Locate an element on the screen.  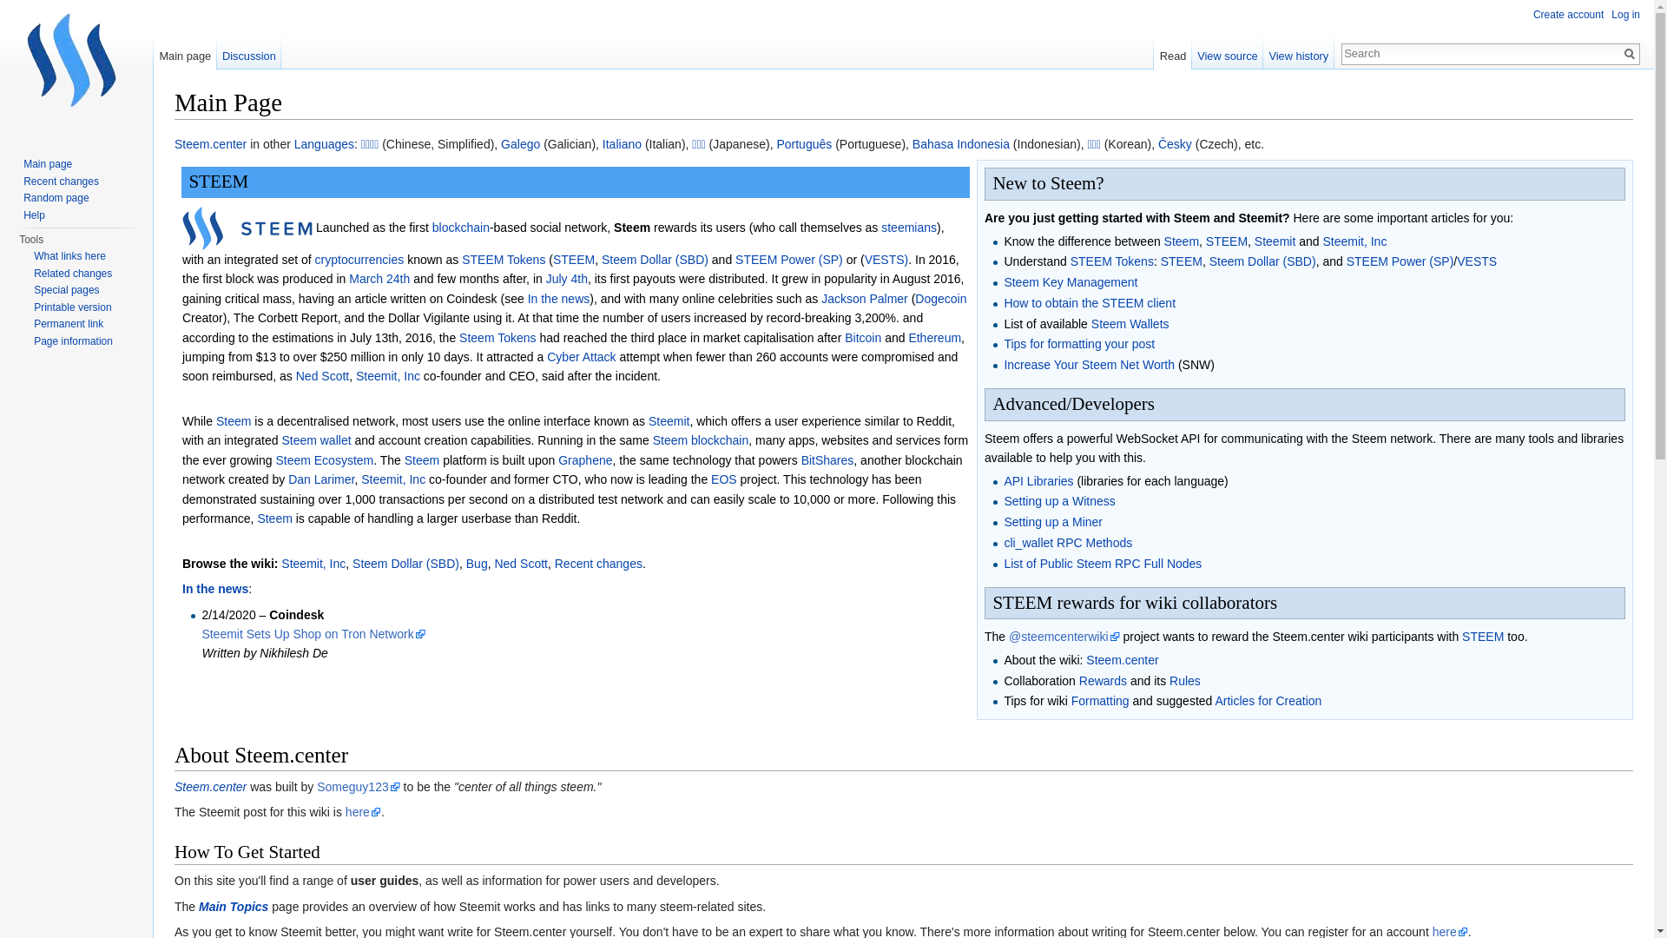
'Main page' is located at coordinates (185, 51).